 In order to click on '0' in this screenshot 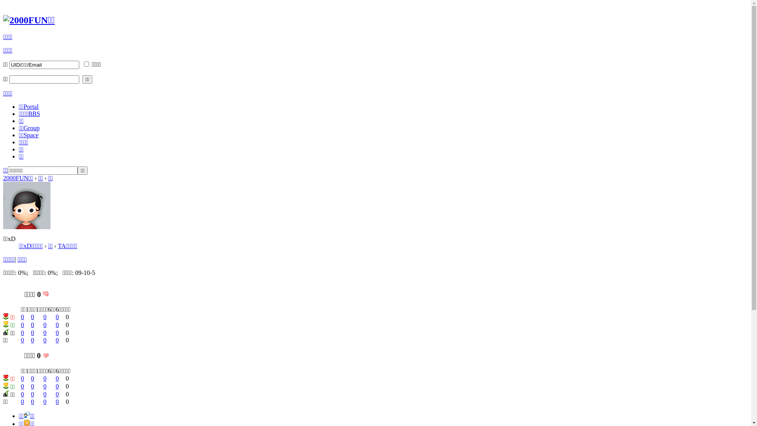, I will do `click(45, 316)`.